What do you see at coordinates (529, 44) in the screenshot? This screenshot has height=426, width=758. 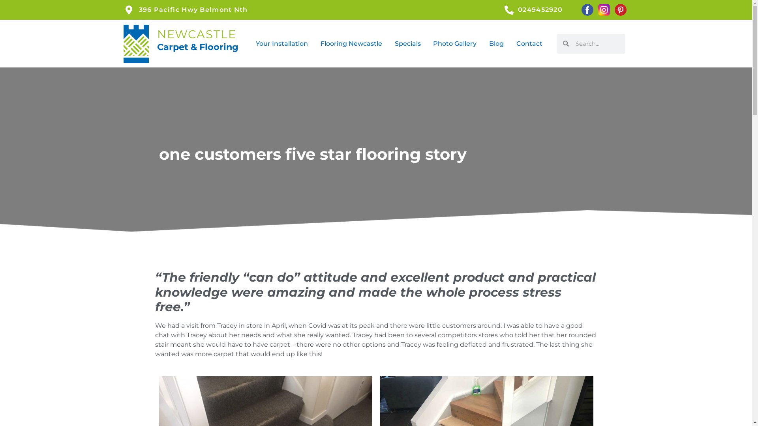 I see `'Contact'` at bounding box center [529, 44].